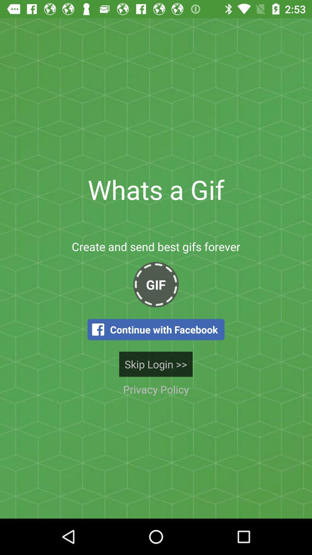  Describe the element at coordinates (156, 389) in the screenshot. I see `icon below skip login >> item` at that location.